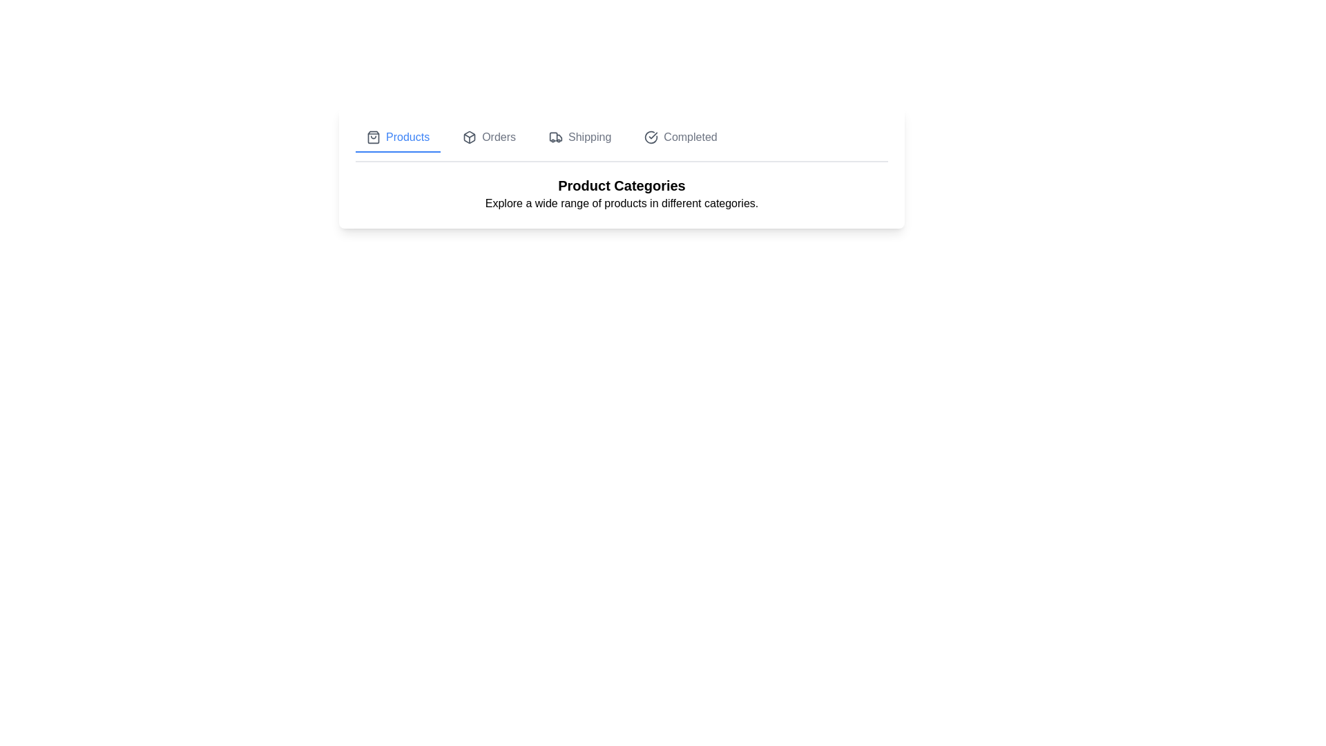  I want to click on the menu item that navigates to the orders section of the application using the keyboard, so click(489, 138).